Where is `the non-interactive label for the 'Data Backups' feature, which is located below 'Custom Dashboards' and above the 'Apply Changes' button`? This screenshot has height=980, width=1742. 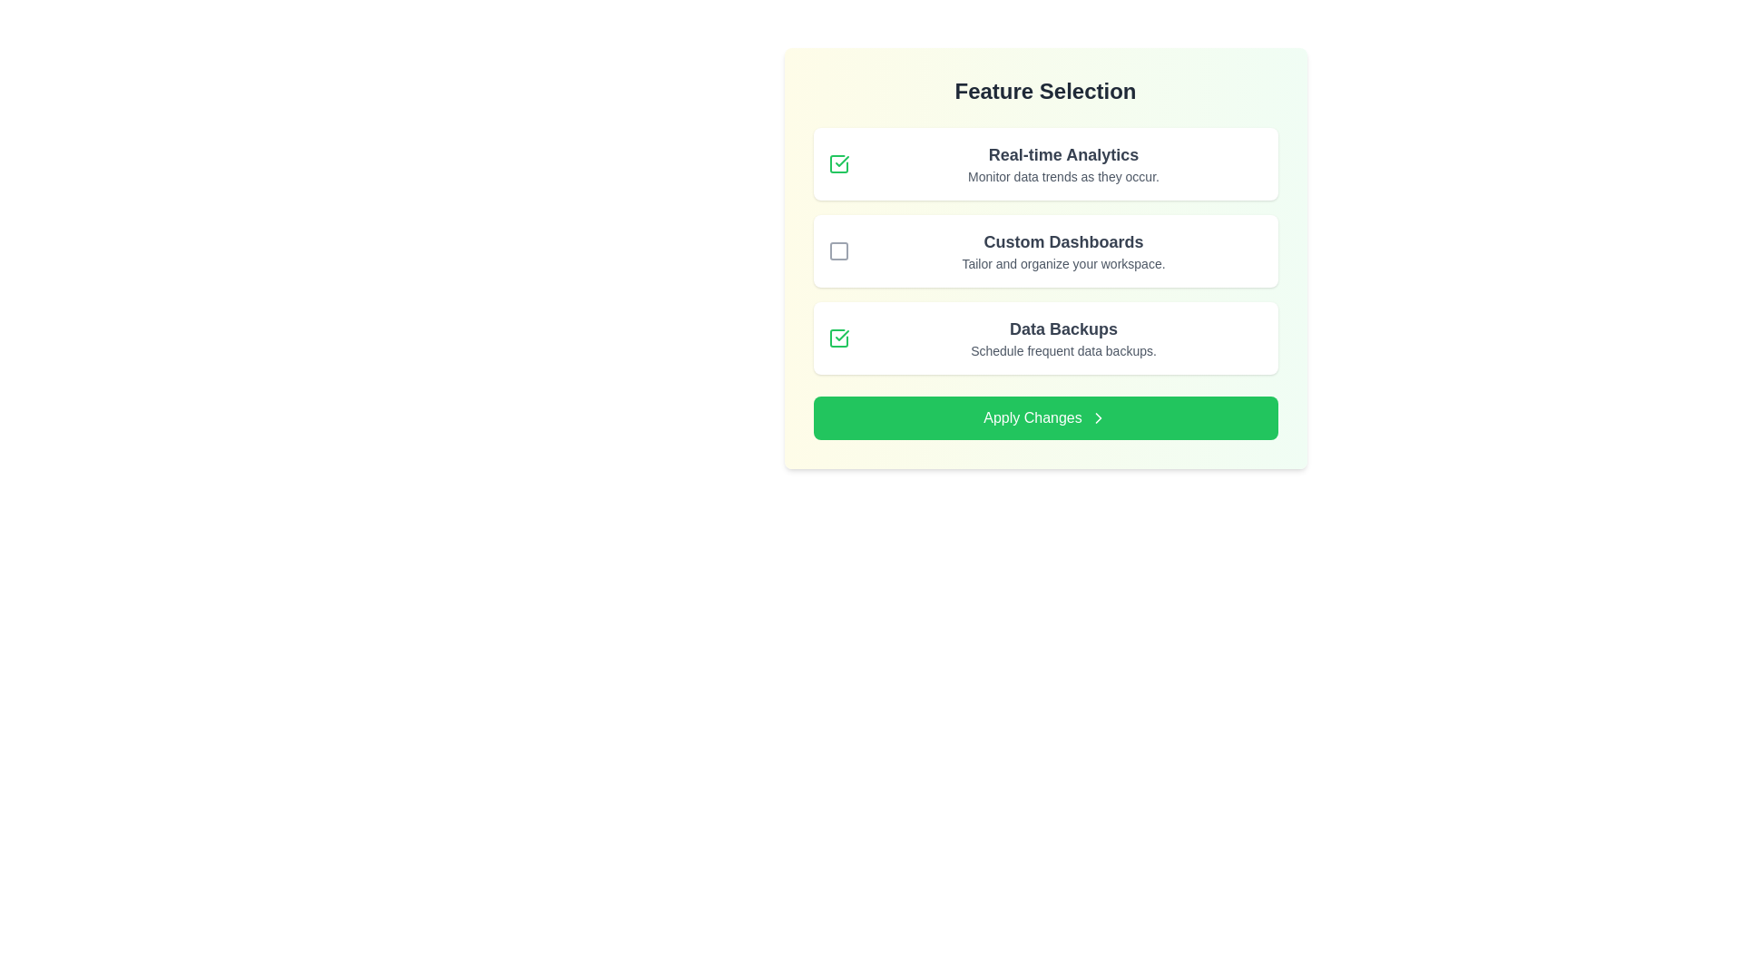 the non-interactive label for the 'Data Backups' feature, which is located below 'Custom Dashboards' and above the 'Apply Changes' button is located at coordinates (1063, 328).